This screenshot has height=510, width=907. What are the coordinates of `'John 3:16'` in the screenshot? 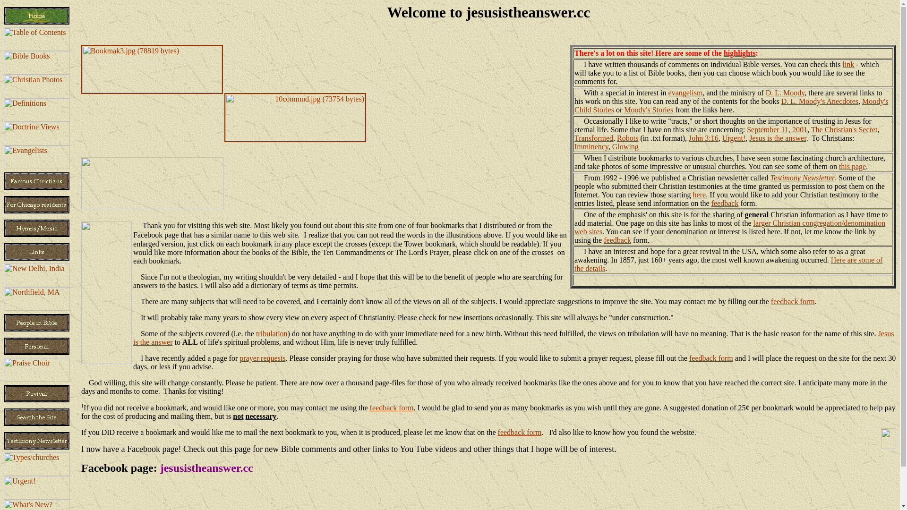 It's located at (703, 138).